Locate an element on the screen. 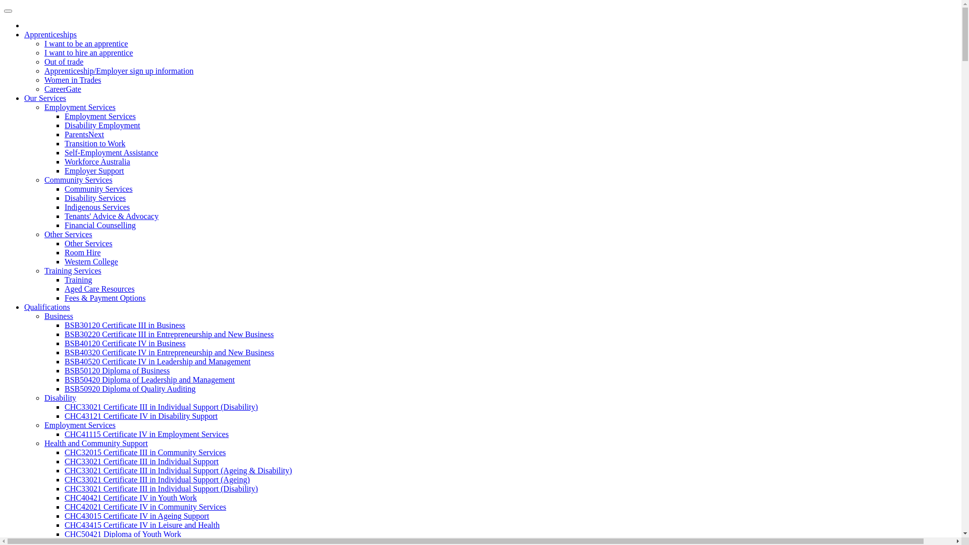 This screenshot has width=969, height=545. 'Training' is located at coordinates (64, 280).